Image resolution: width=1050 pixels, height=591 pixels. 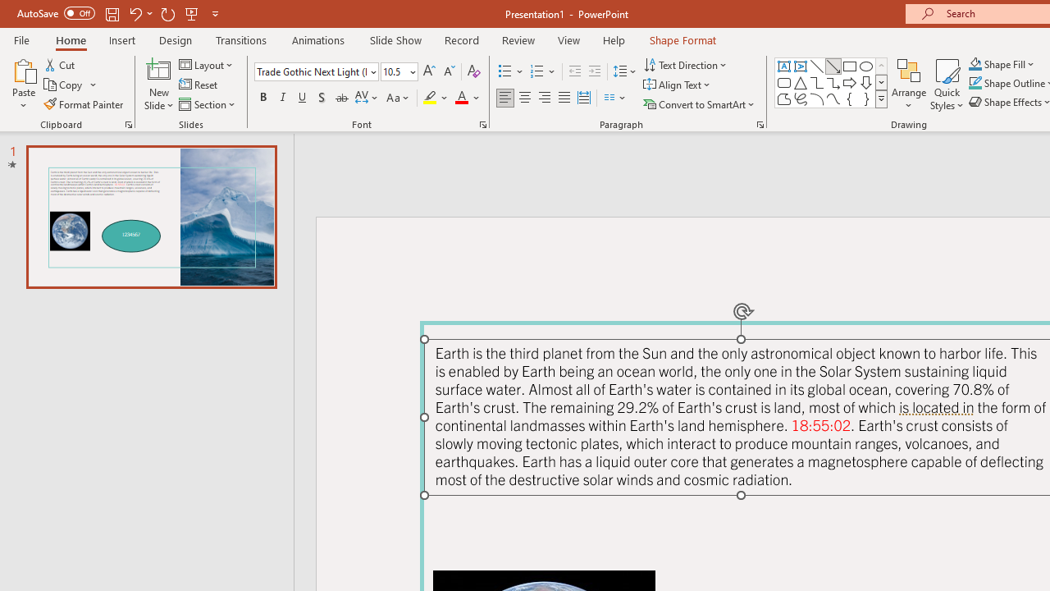 I want to click on 'Shape Fill Aqua, Accent 2', so click(x=975, y=63).